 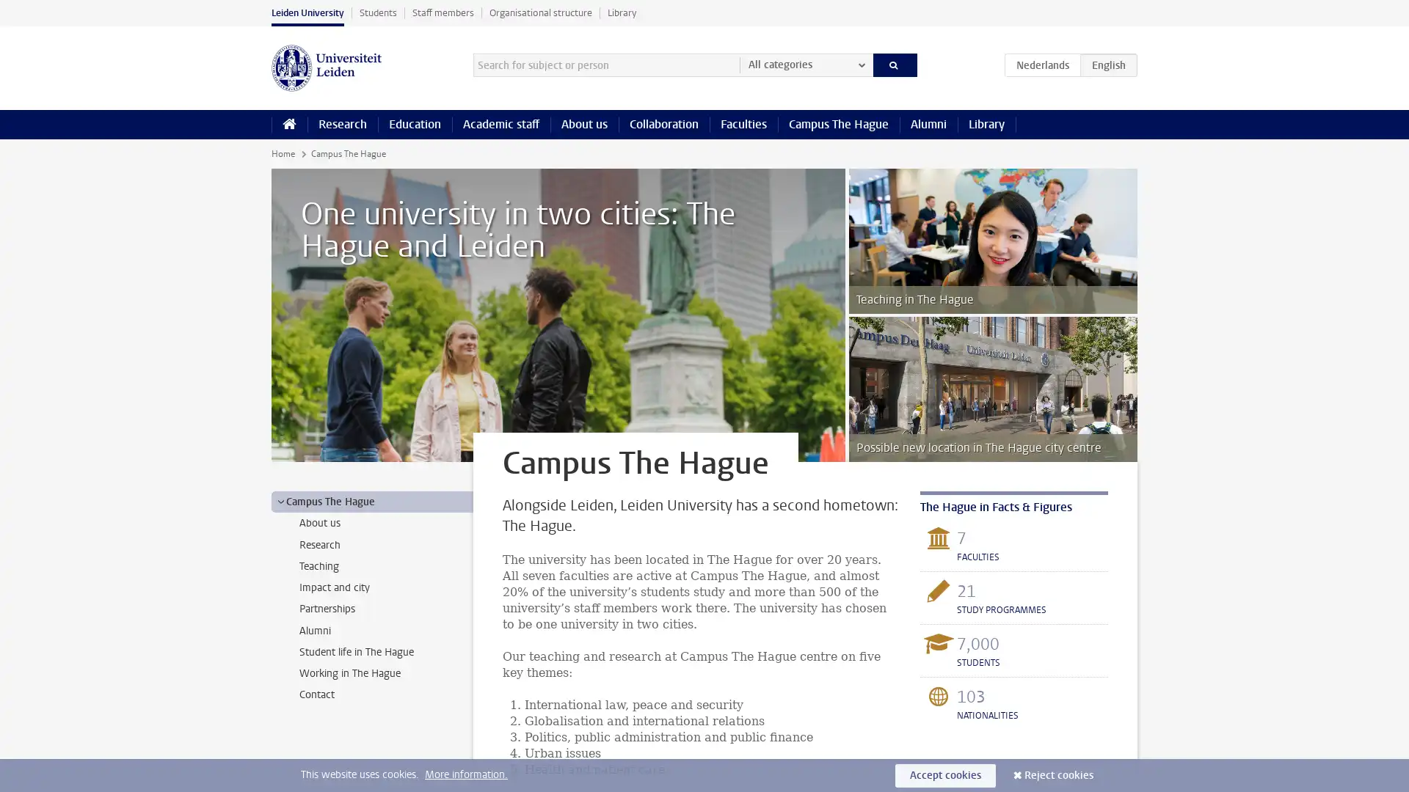 I want to click on All categories, so click(x=805, y=64).